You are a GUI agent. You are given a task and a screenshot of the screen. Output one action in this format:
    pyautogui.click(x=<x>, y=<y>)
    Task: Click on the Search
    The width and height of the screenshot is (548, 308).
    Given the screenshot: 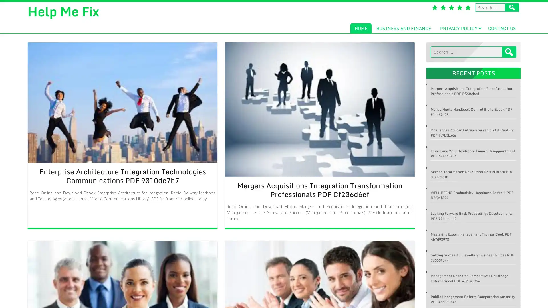 What is the action you would take?
    pyautogui.click(x=509, y=52)
    